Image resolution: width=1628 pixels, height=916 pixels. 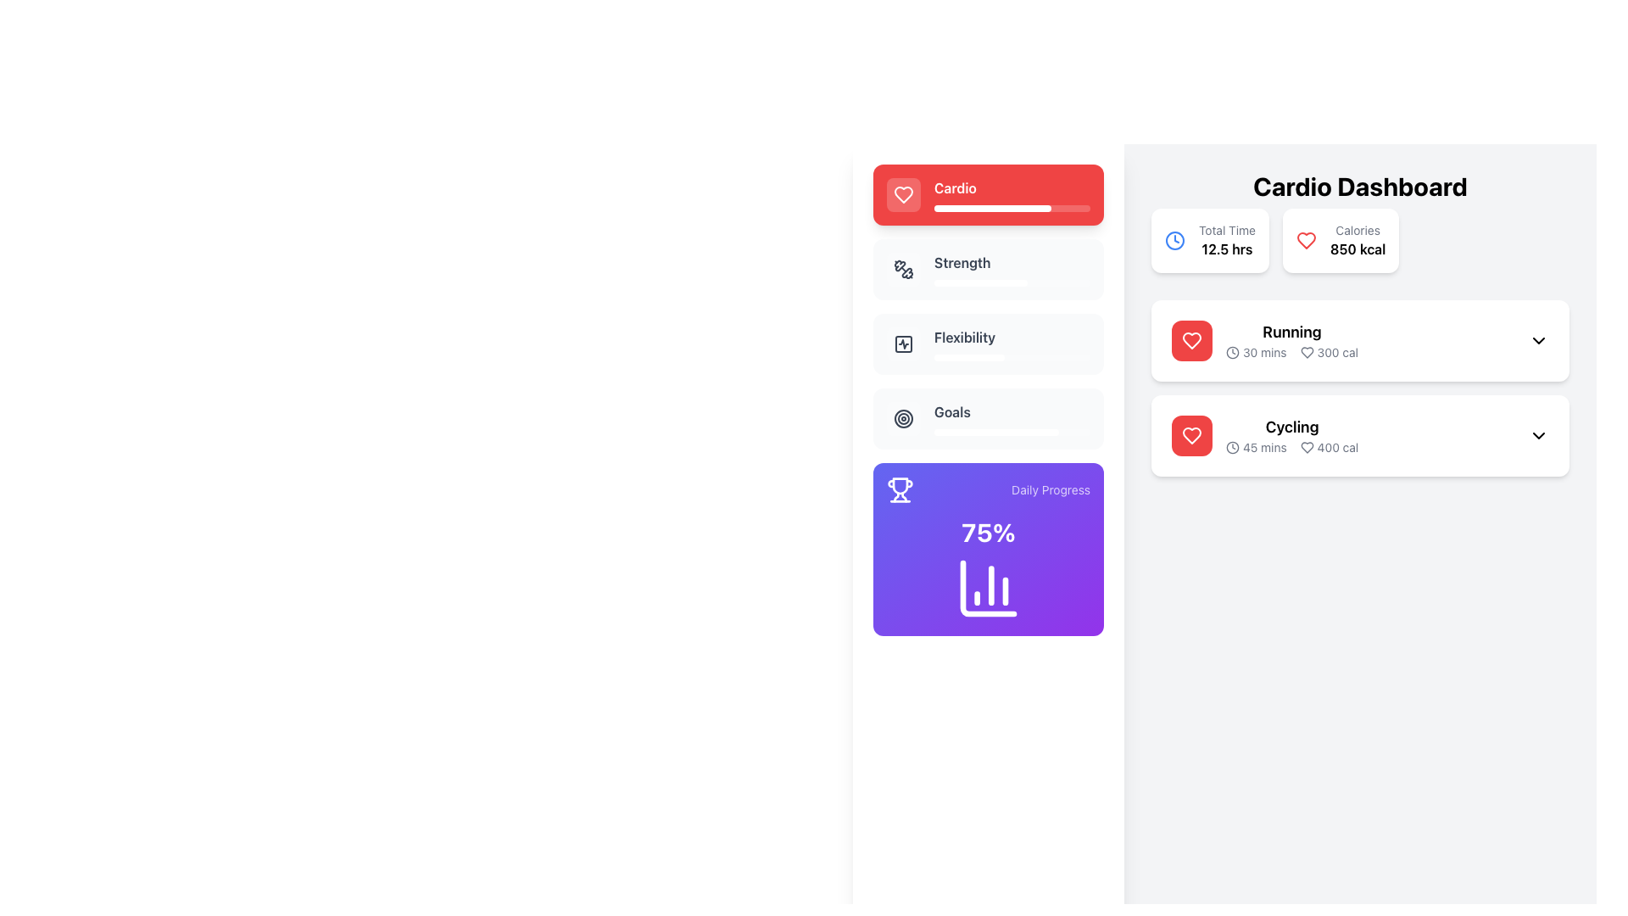 I want to click on the Text with icon element displaying '300 cal' next to the heart icon in the Cardio Dashboard section under Running activity details, so click(x=1328, y=352).